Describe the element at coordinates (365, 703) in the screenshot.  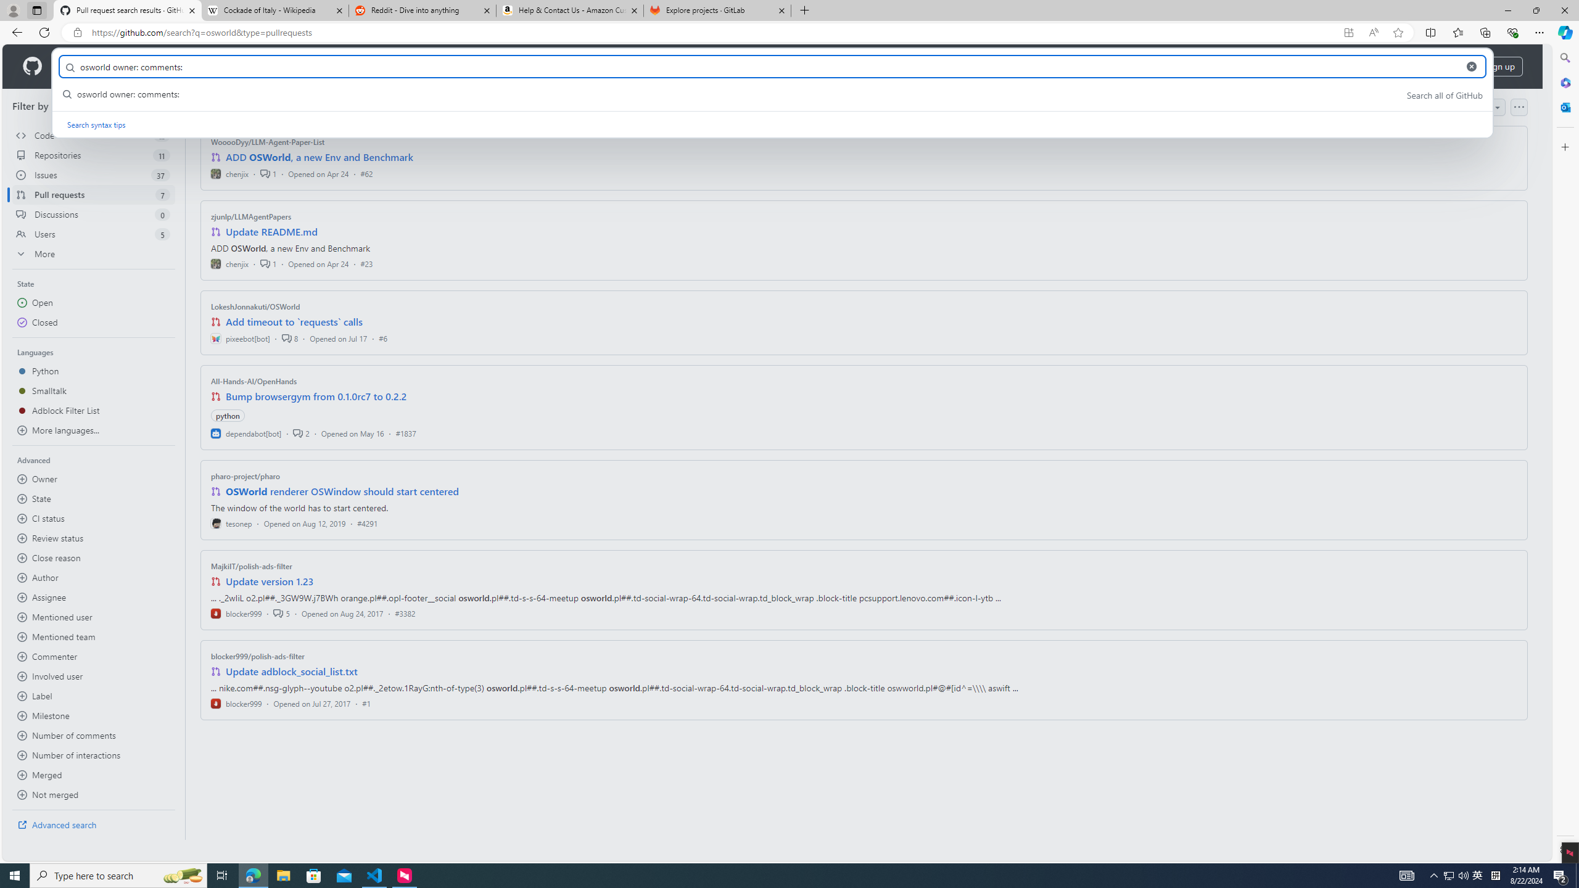
I see `'#1'` at that location.